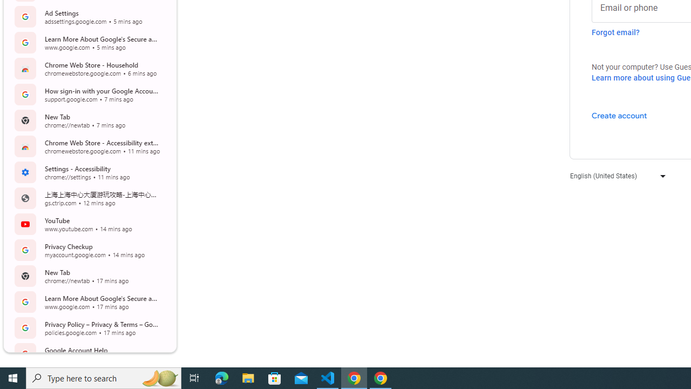 The width and height of the screenshot is (691, 389). I want to click on 'Ad Settings adssettings.google.com 5 mins ago Open Tab', so click(89, 16).